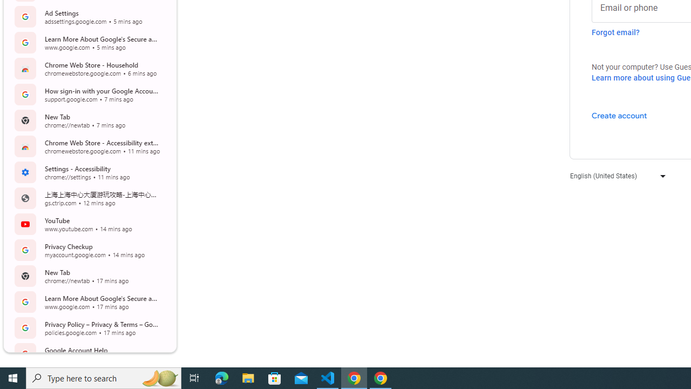 The width and height of the screenshot is (691, 389). I want to click on 'Ad Settings adssettings.google.com 5 mins ago Open Tab', so click(89, 16).